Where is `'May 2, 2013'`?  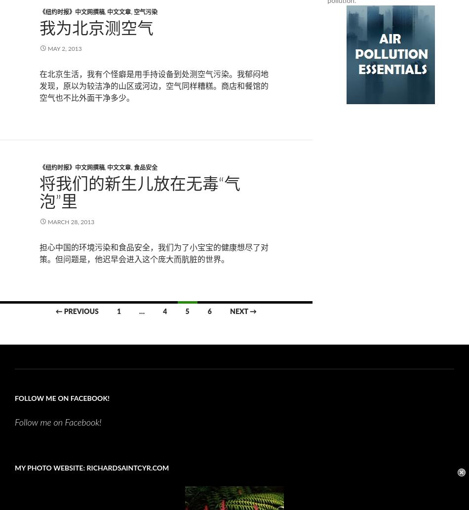
'May 2, 2013' is located at coordinates (64, 48).